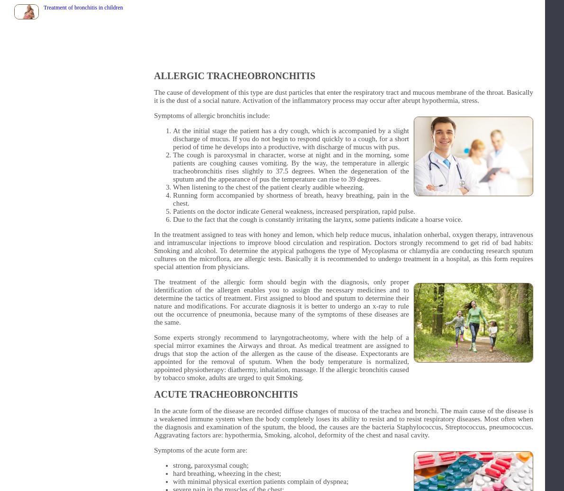  I want to click on 'In the acute form of the disease are recorded diffuse changes of mucosa of the trachea and bronchi. The main cause of the disease is a weakened immune system when the body completely loses its ability to resist and to resist respiratory diseases. Most often when the diagnosis and examination of the sputum, the blood, the causes are the bacteria Staphylococcus, Streptococcus, pneumococcus. Aggravating factors are: hypothermia, Smoking, alcohol, deformity of the chest and nasal cavity.', so click(343, 422).